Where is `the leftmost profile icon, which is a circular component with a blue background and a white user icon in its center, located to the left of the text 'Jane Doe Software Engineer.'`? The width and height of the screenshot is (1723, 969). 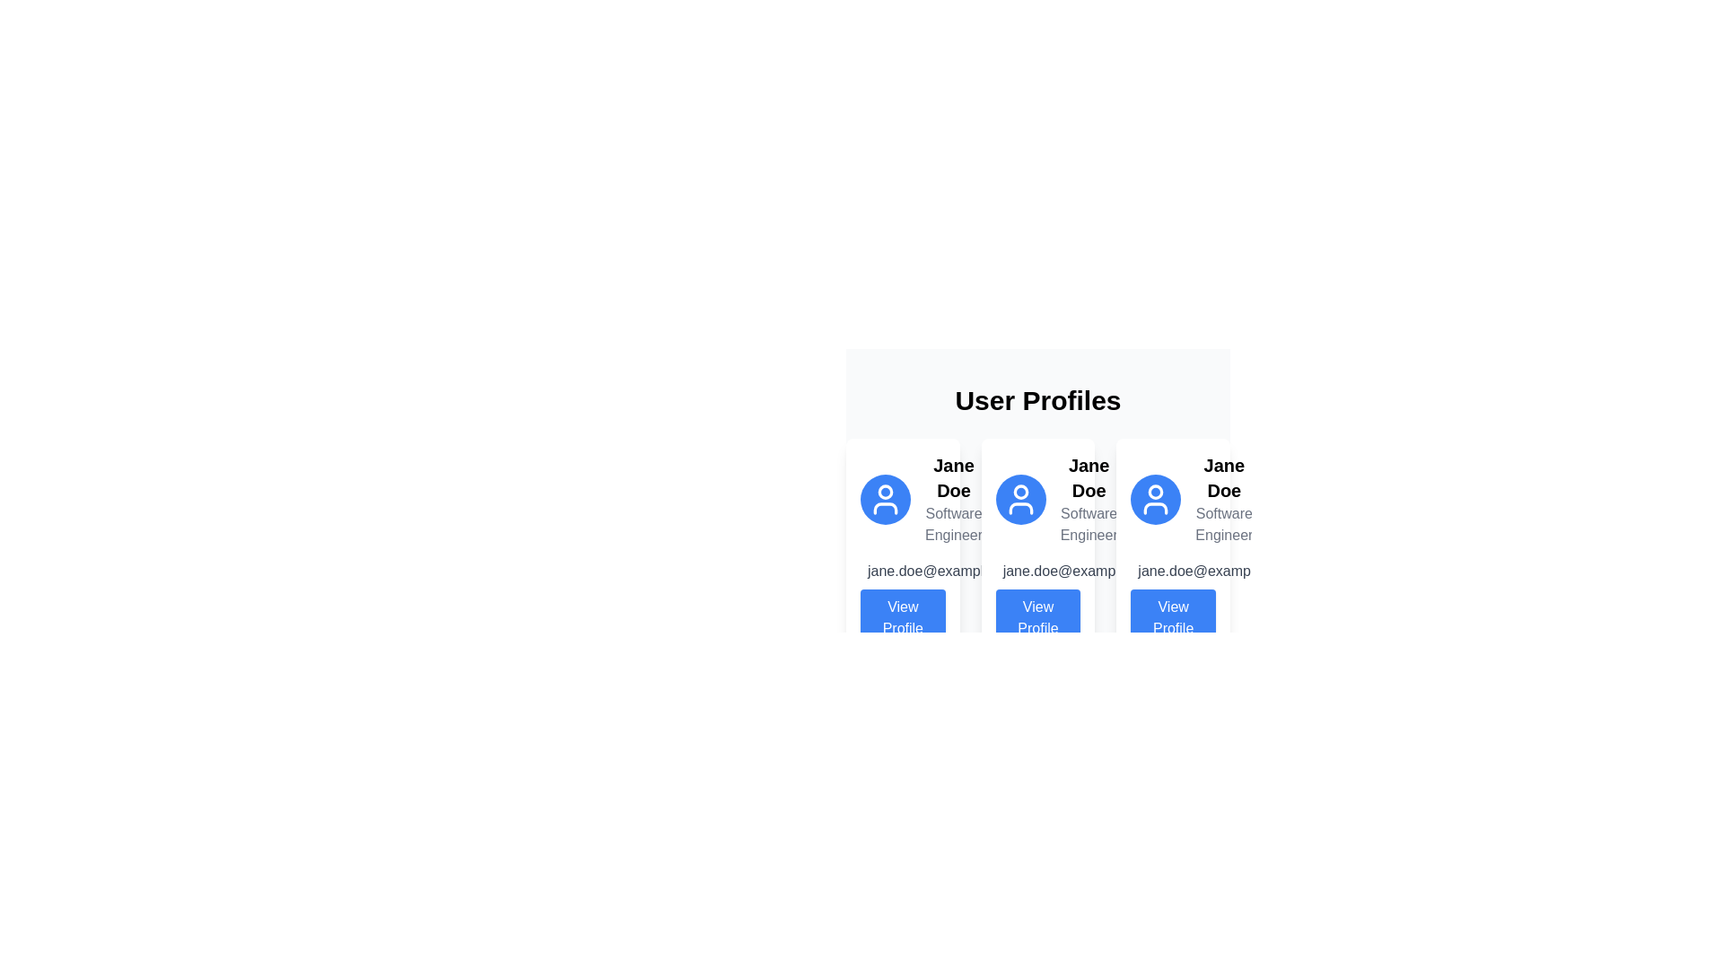
the leftmost profile icon, which is a circular component with a blue background and a white user icon in its center, located to the left of the text 'Jane Doe Software Engineer.' is located at coordinates (886, 499).